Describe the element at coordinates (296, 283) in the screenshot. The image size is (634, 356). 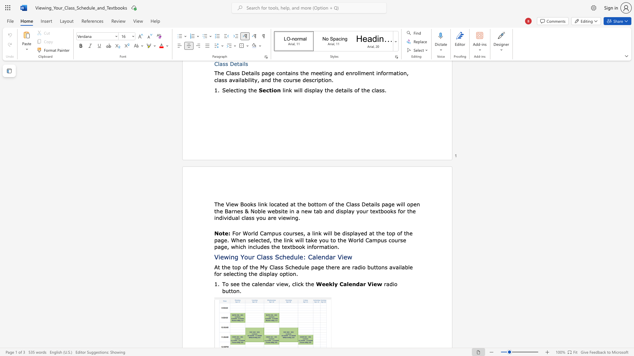
I see `the subset text "ic" within the text "To see the calendar view, click the"` at that location.